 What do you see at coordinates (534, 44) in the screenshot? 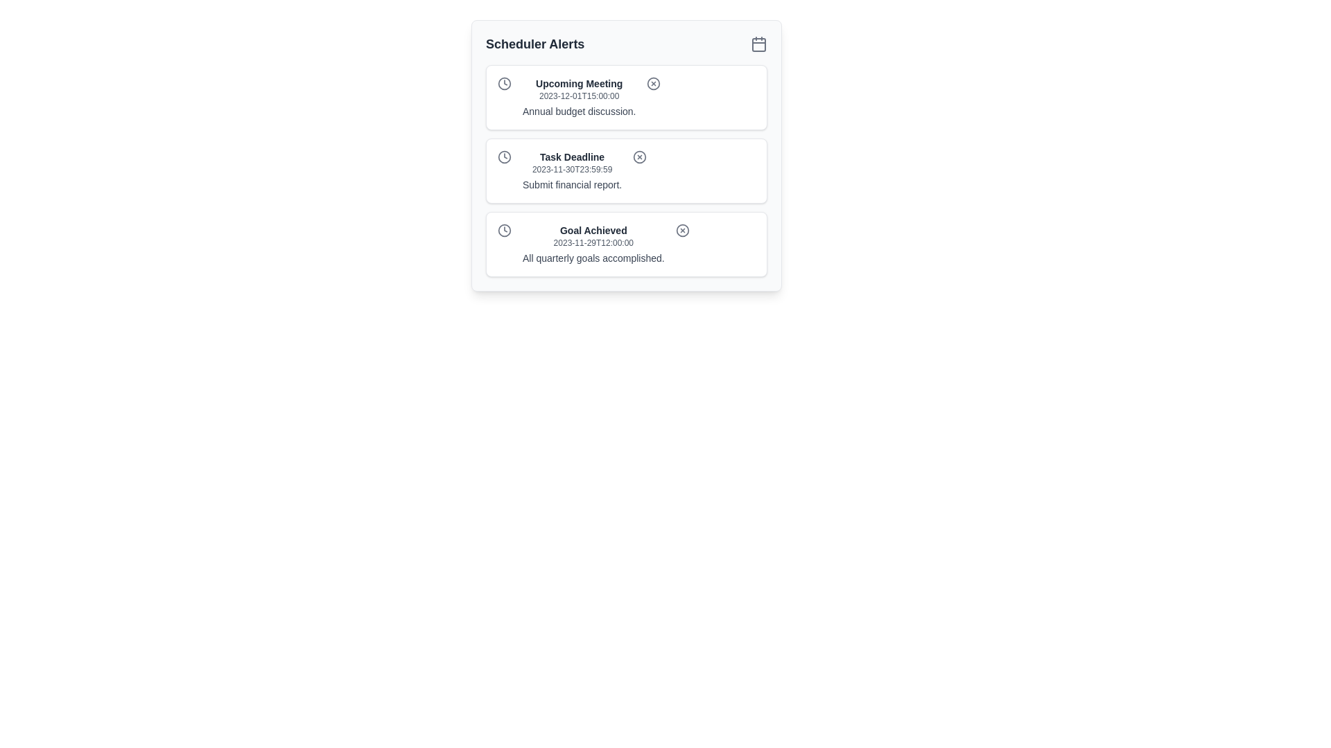
I see `'Scheduler Alerts' text label which is prominently displayed in bold and larger font above a list of items, positioned to the left of a calendar icon` at bounding box center [534, 44].